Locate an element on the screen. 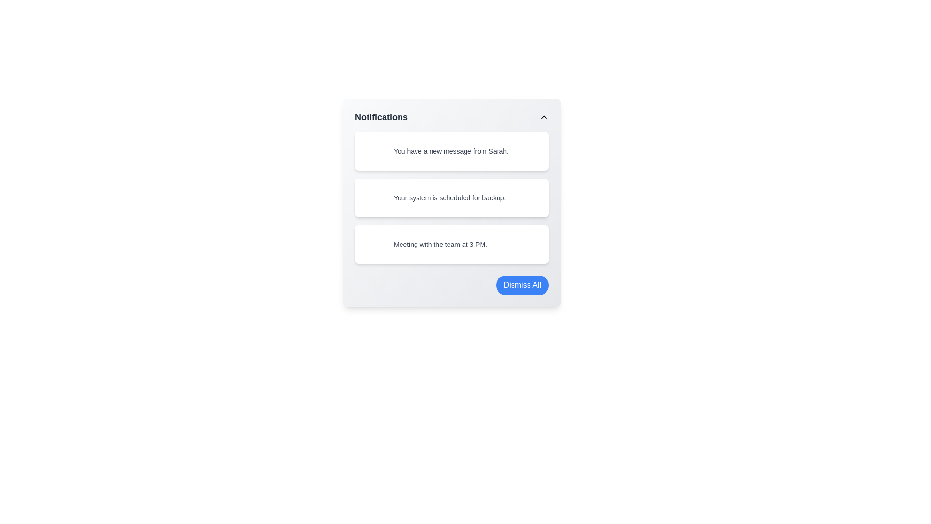  text label that displays 'Meeting with the team at 3 PM.' positioned in a white rounded box as the third item in a list of notifications is located at coordinates (440, 244).